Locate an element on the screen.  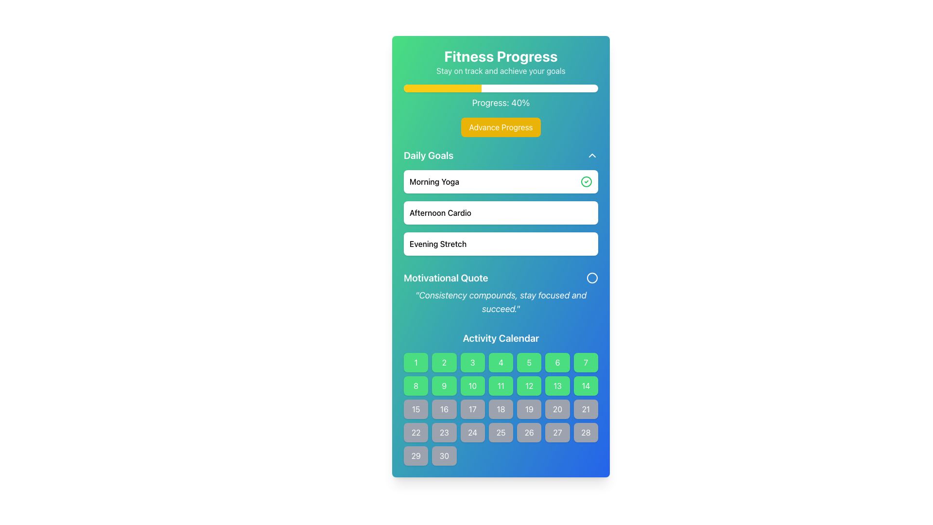
the icon that toggles the collapse or expand function for the 'Daily Goals' section, located at the far-right end of the section header is located at coordinates (592, 155).